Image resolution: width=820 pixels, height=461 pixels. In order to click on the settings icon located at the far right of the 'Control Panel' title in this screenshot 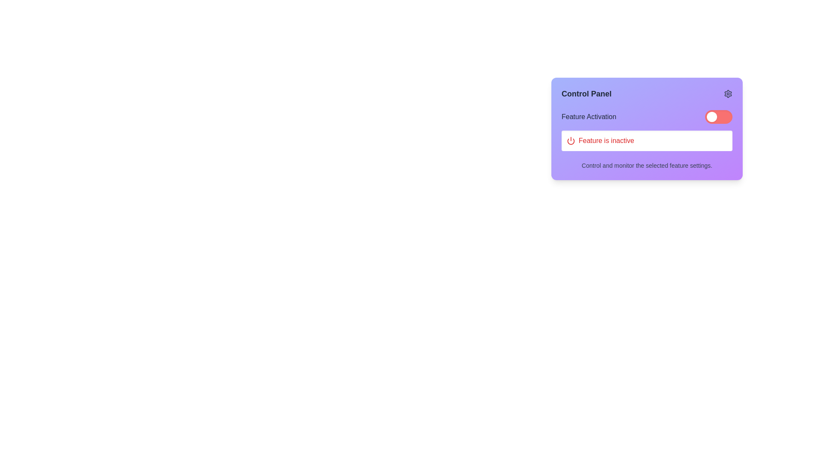, I will do `click(727, 93)`.